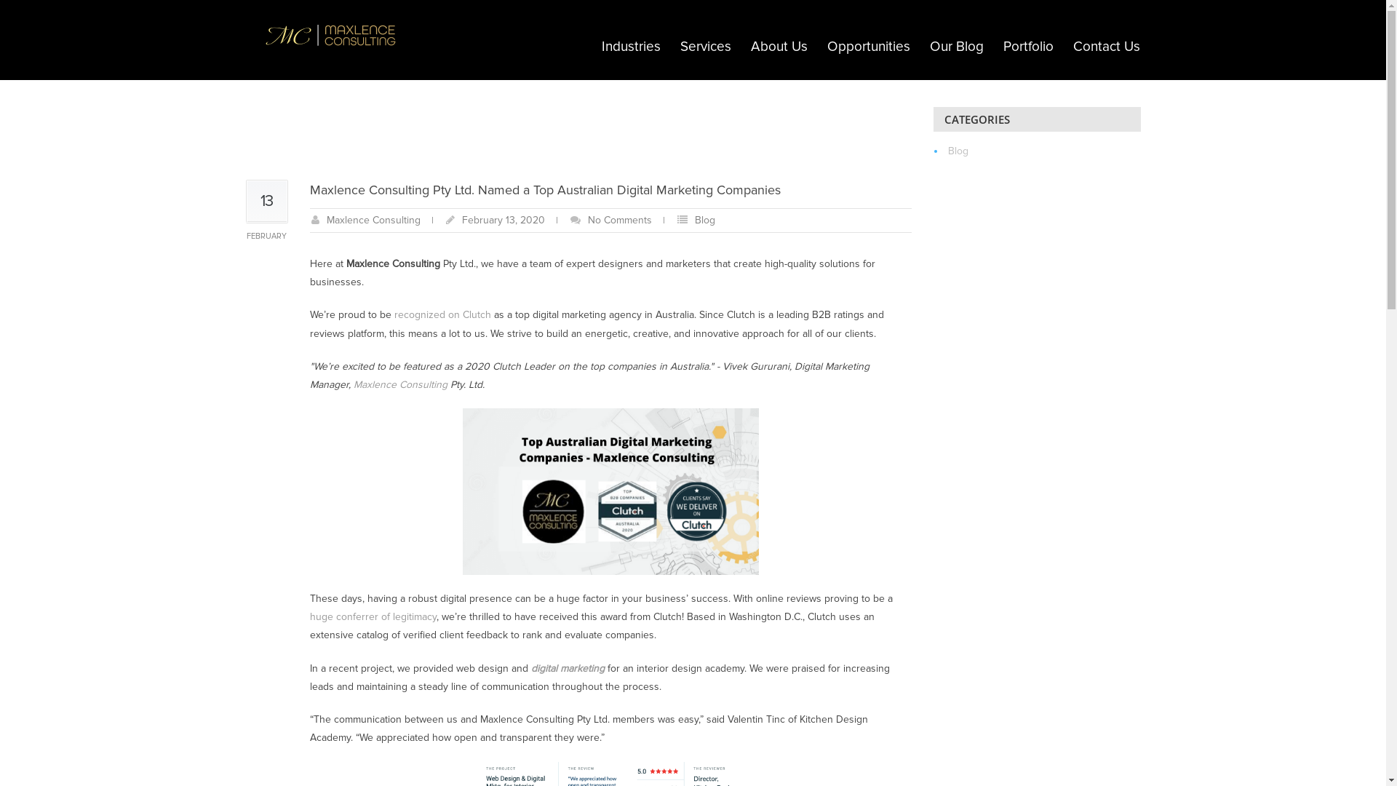  What do you see at coordinates (1106, 46) in the screenshot?
I see `'Contact Us'` at bounding box center [1106, 46].